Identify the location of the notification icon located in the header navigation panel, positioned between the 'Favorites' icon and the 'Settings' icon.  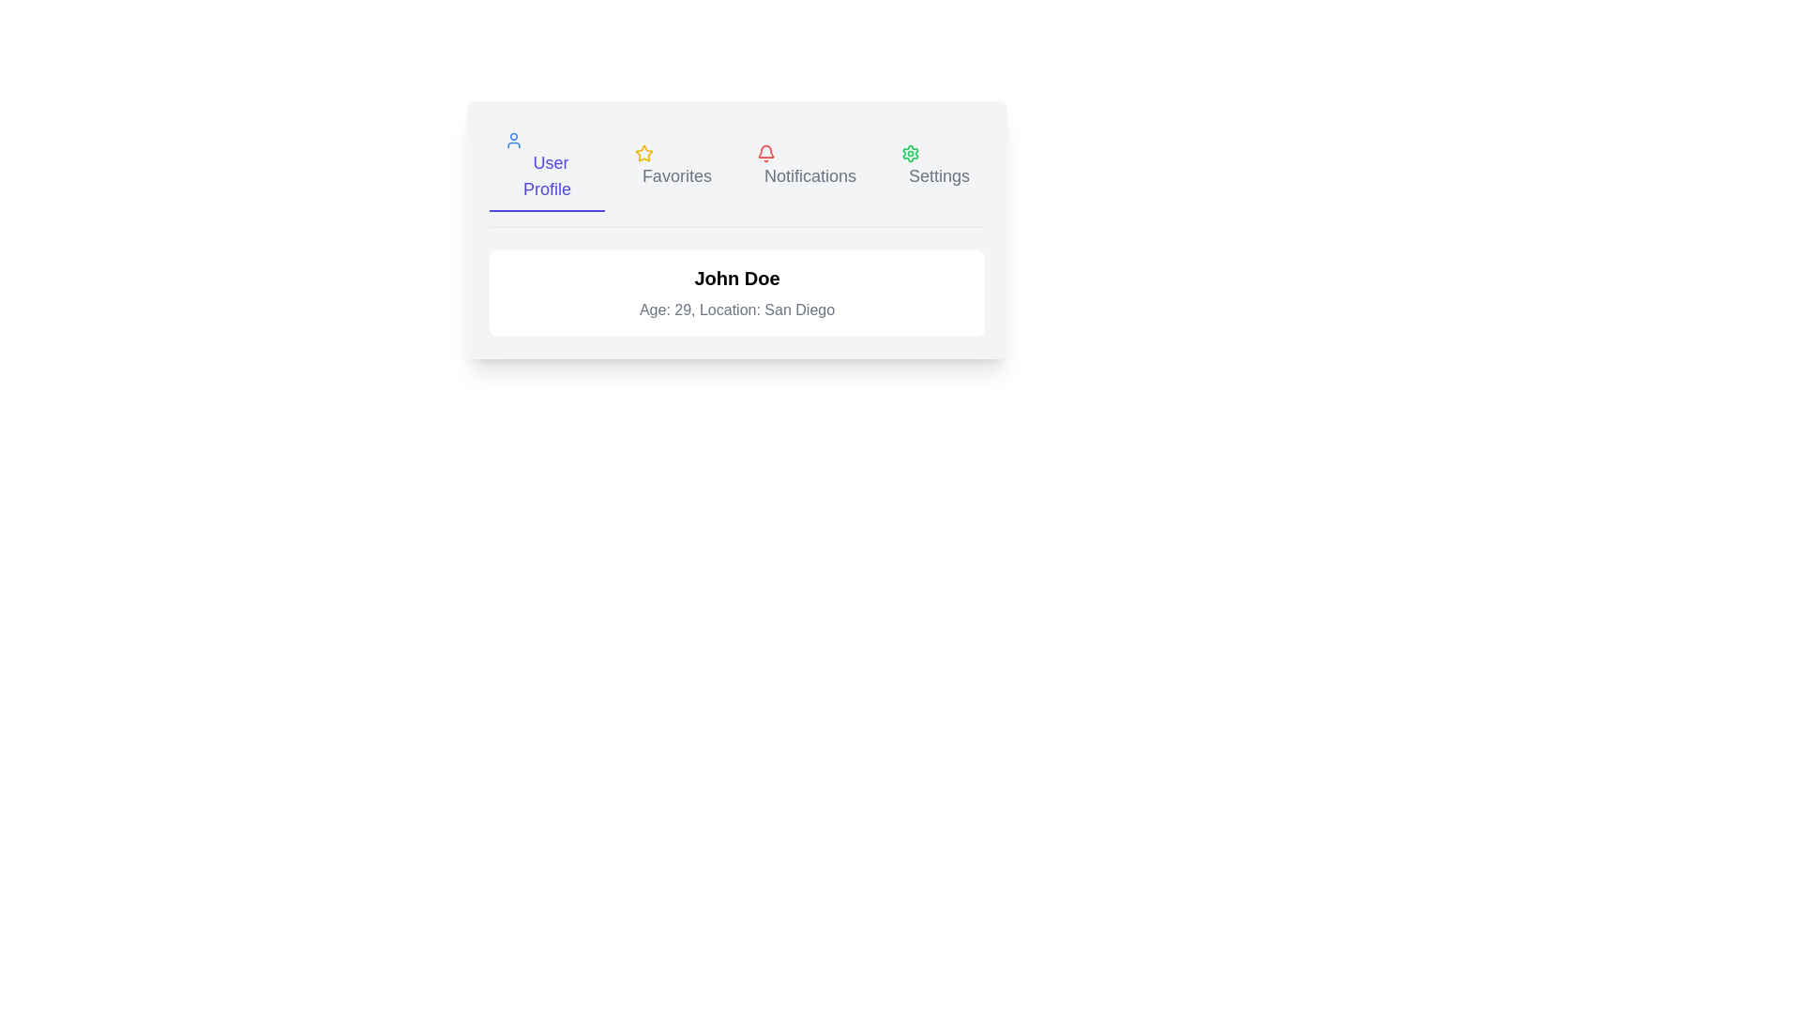
(765, 153).